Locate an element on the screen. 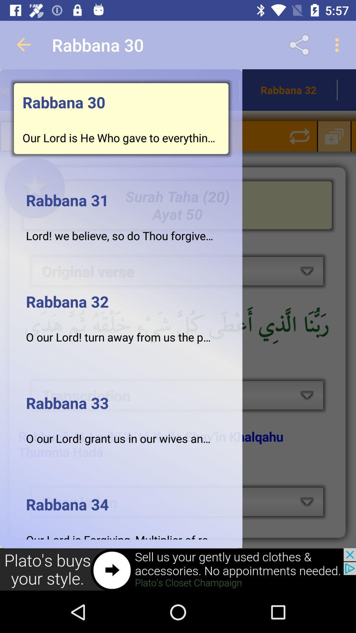 Image resolution: width=356 pixels, height=633 pixels. the more icon is located at coordinates (156, 136).